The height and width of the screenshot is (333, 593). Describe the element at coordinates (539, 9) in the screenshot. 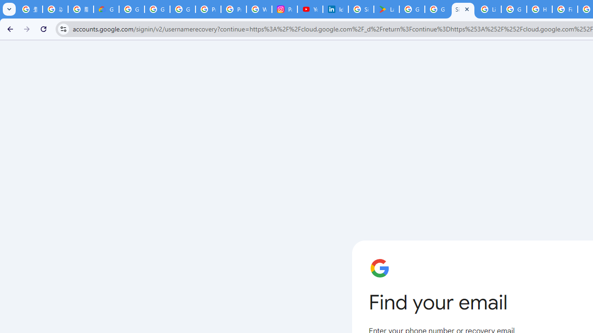

I see `'How do I create a new Google Account? - Google Account Help'` at that location.